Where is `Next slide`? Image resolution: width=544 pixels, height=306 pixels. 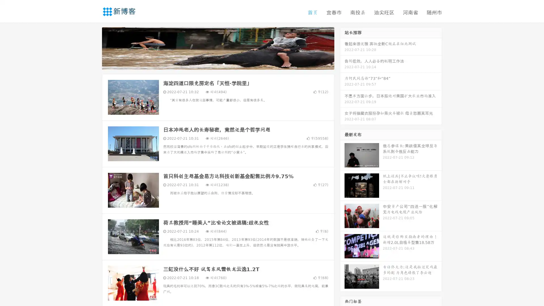
Next slide is located at coordinates (342, 48).